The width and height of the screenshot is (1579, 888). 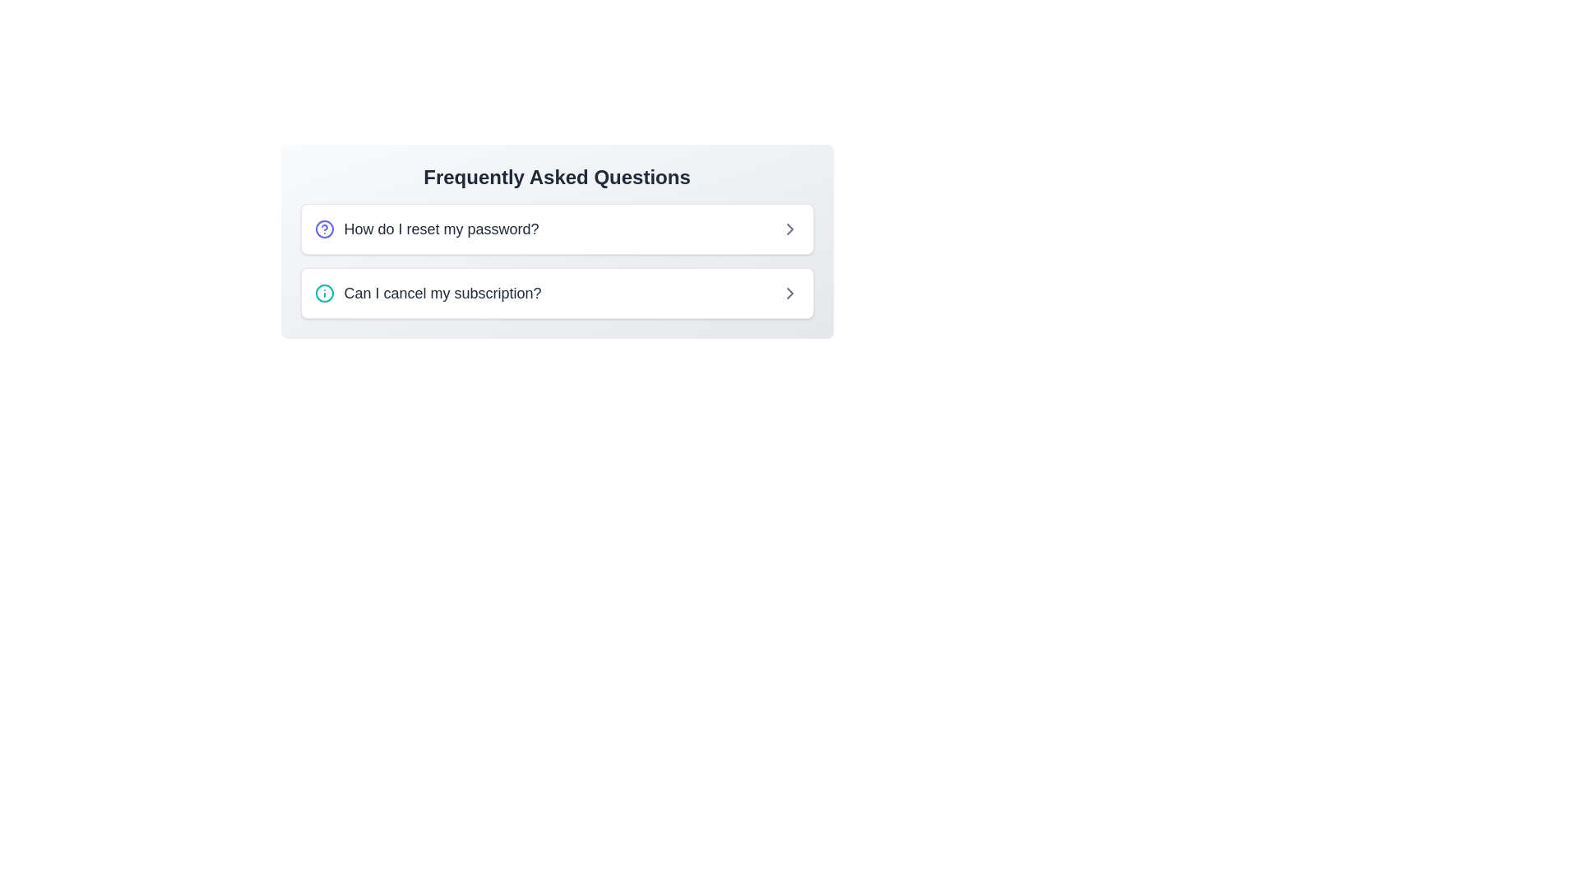 I want to click on the second interactive list item in the FAQ section labeled 'Can I cancel my subscription?', so click(x=557, y=293).